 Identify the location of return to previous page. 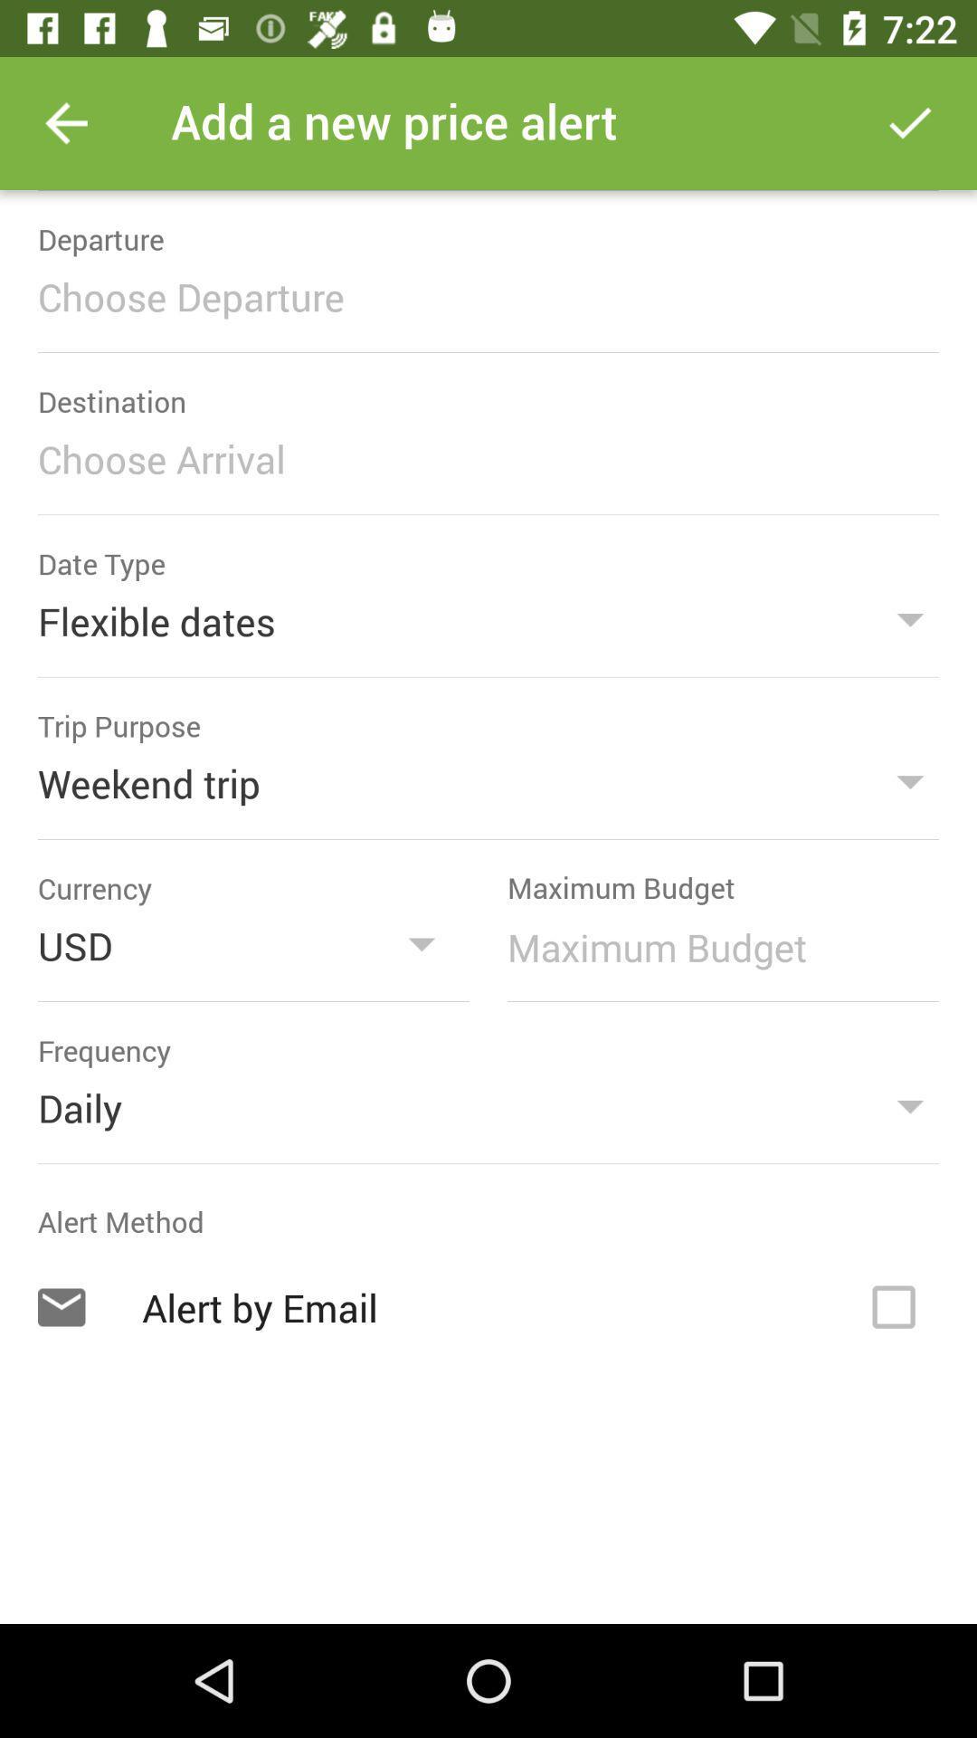
(65, 122).